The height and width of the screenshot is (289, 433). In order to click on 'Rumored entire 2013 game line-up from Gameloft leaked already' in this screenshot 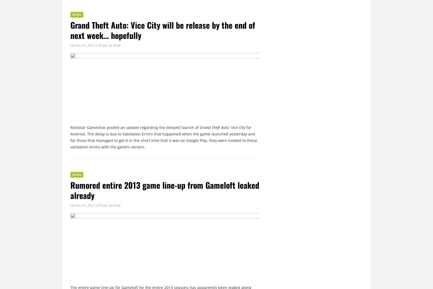, I will do `click(165, 190)`.